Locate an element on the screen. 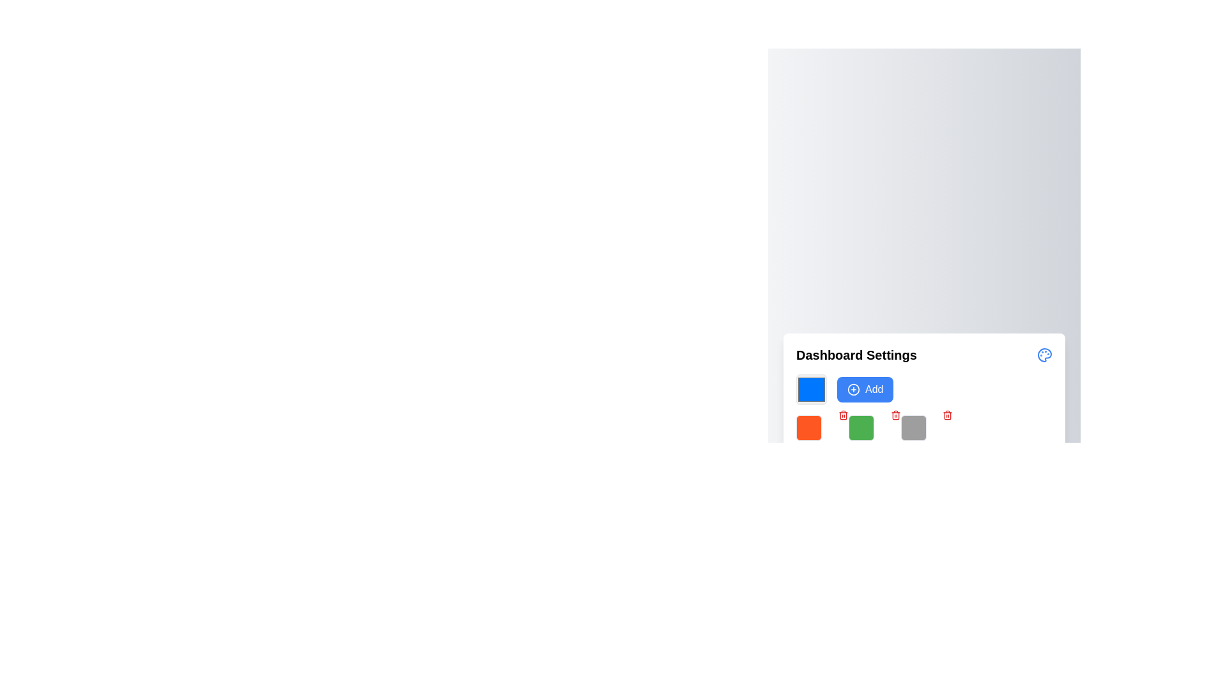 Image resolution: width=1227 pixels, height=690 pixels. the delete button is located at coordinates (843, 415).